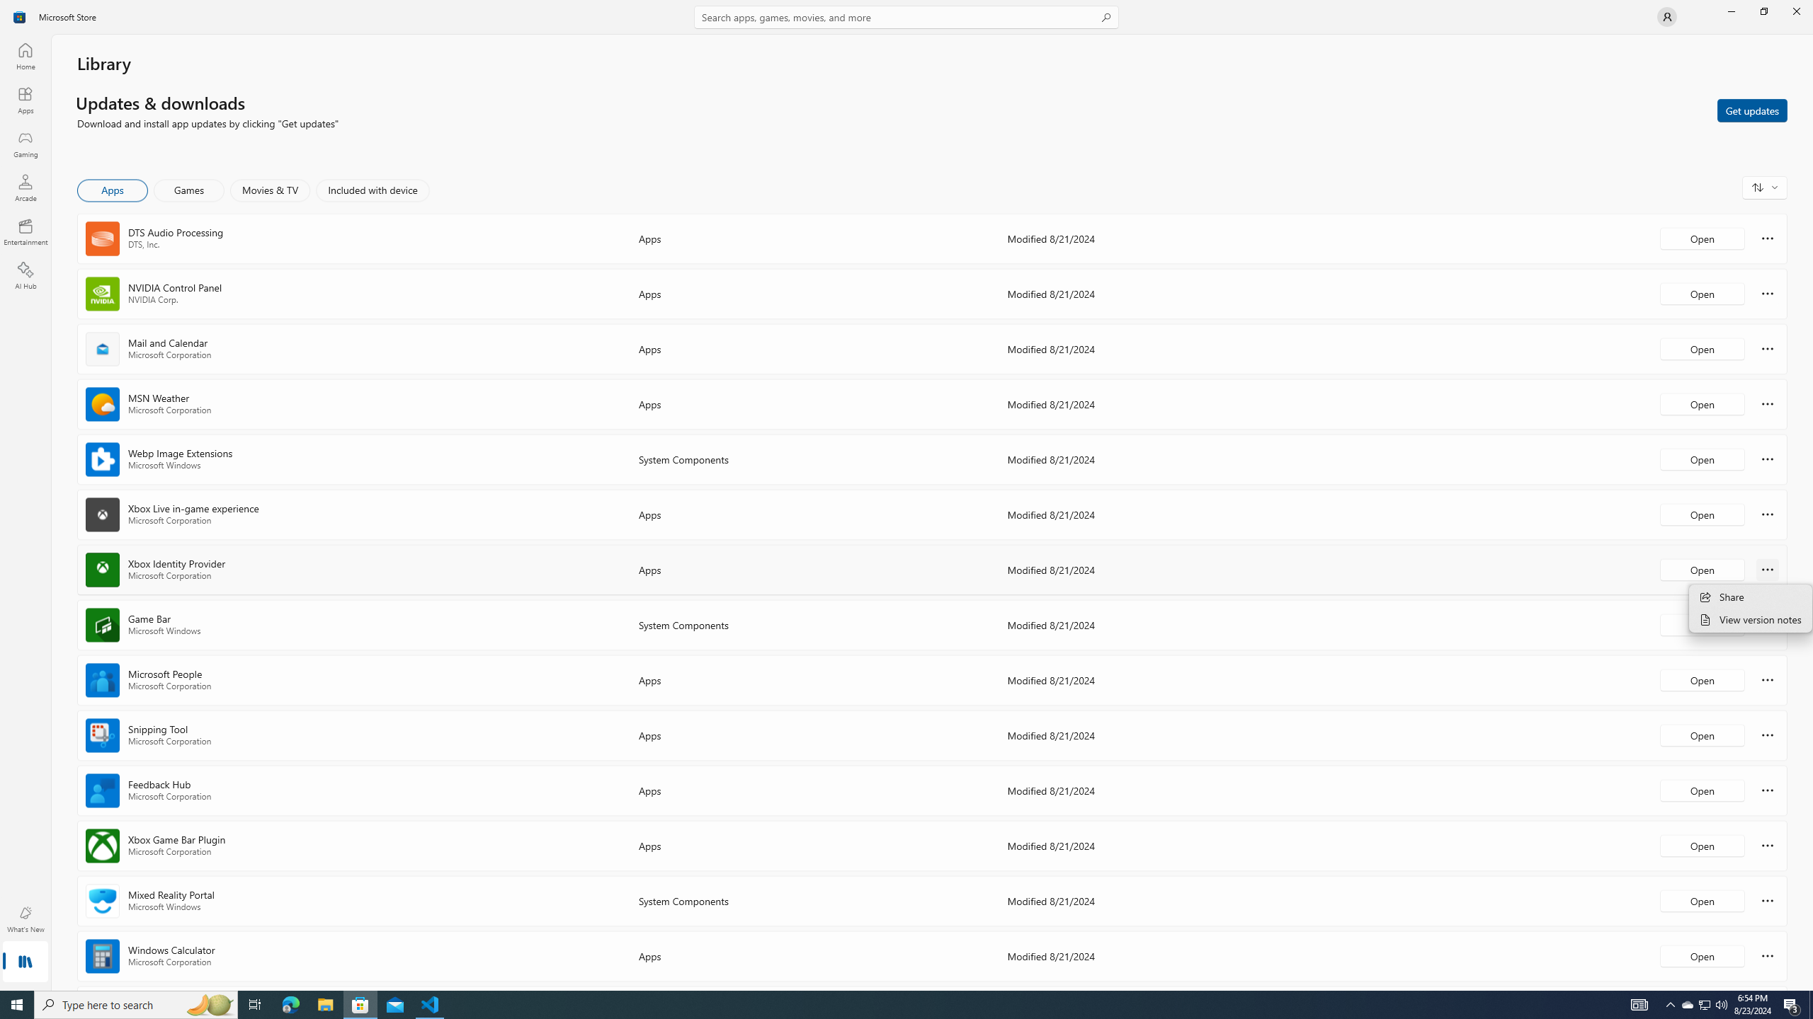  Describe the element at coordinates (24, 187) in the screenshot. I see `'Arcade'` at that location.